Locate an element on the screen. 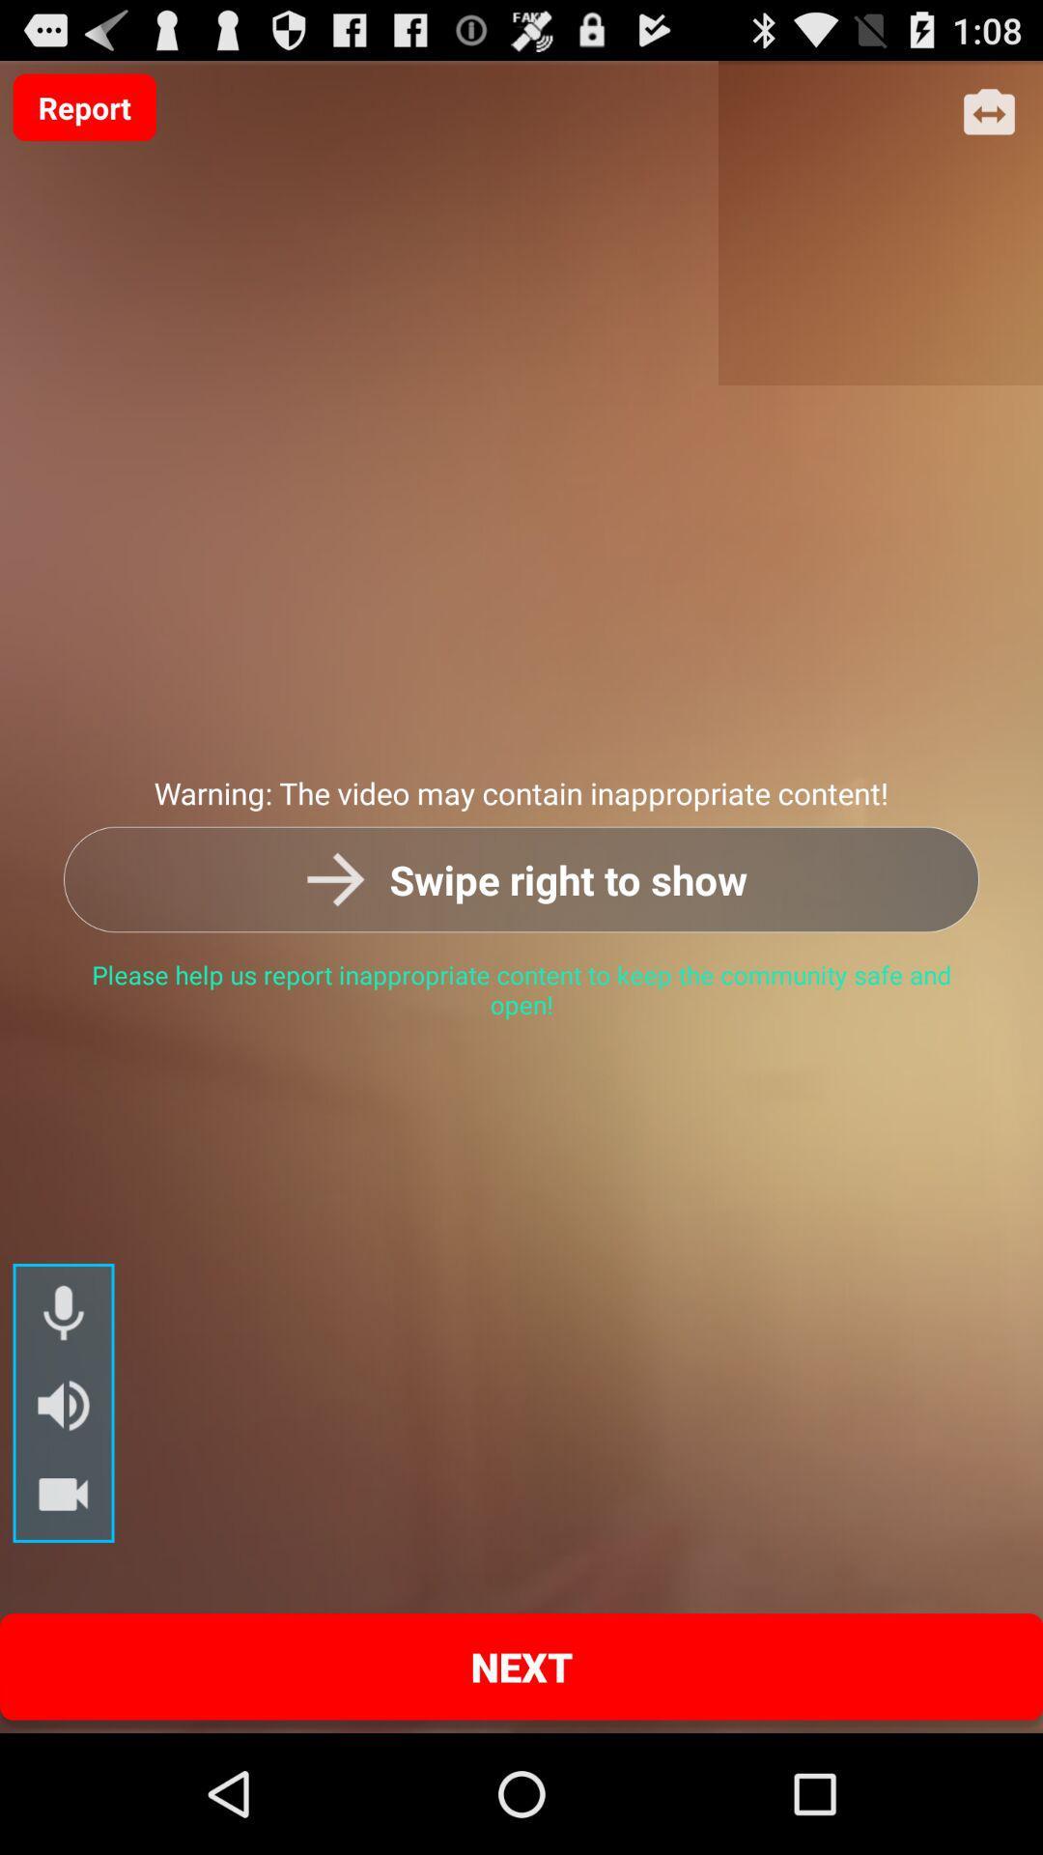  the swap icon is located at coordinates (989, 121).